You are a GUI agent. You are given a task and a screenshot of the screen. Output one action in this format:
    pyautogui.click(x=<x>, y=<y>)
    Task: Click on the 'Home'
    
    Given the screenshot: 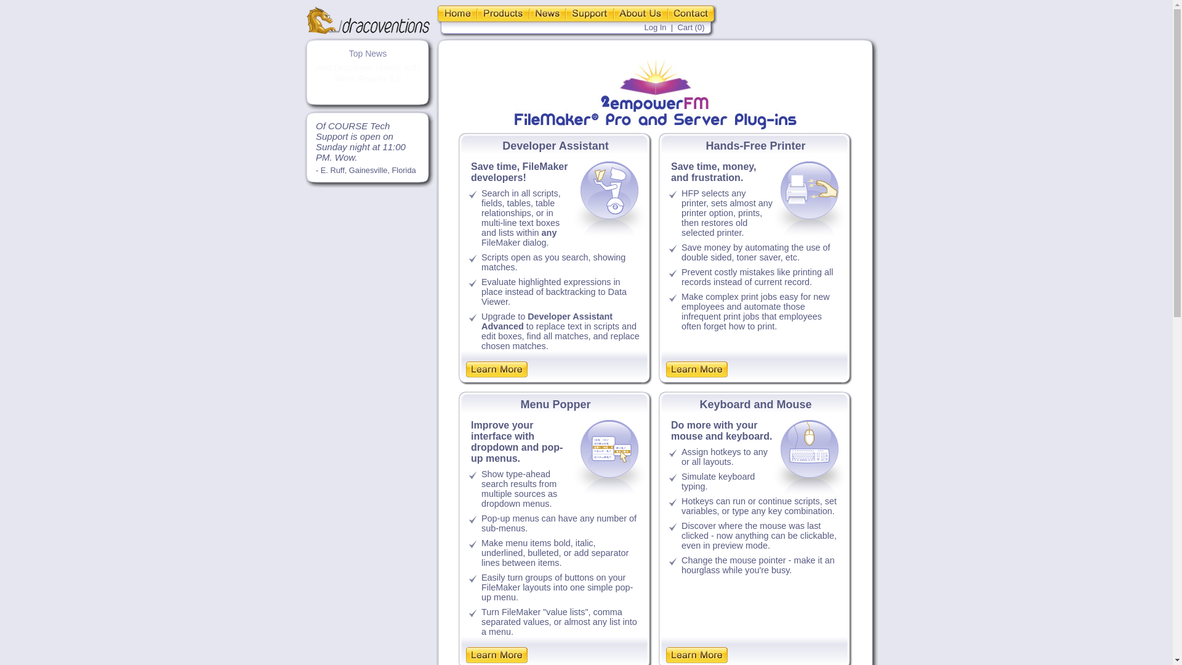 What is the action you would take?
    pyautogui.click(x=455, y=13)
    